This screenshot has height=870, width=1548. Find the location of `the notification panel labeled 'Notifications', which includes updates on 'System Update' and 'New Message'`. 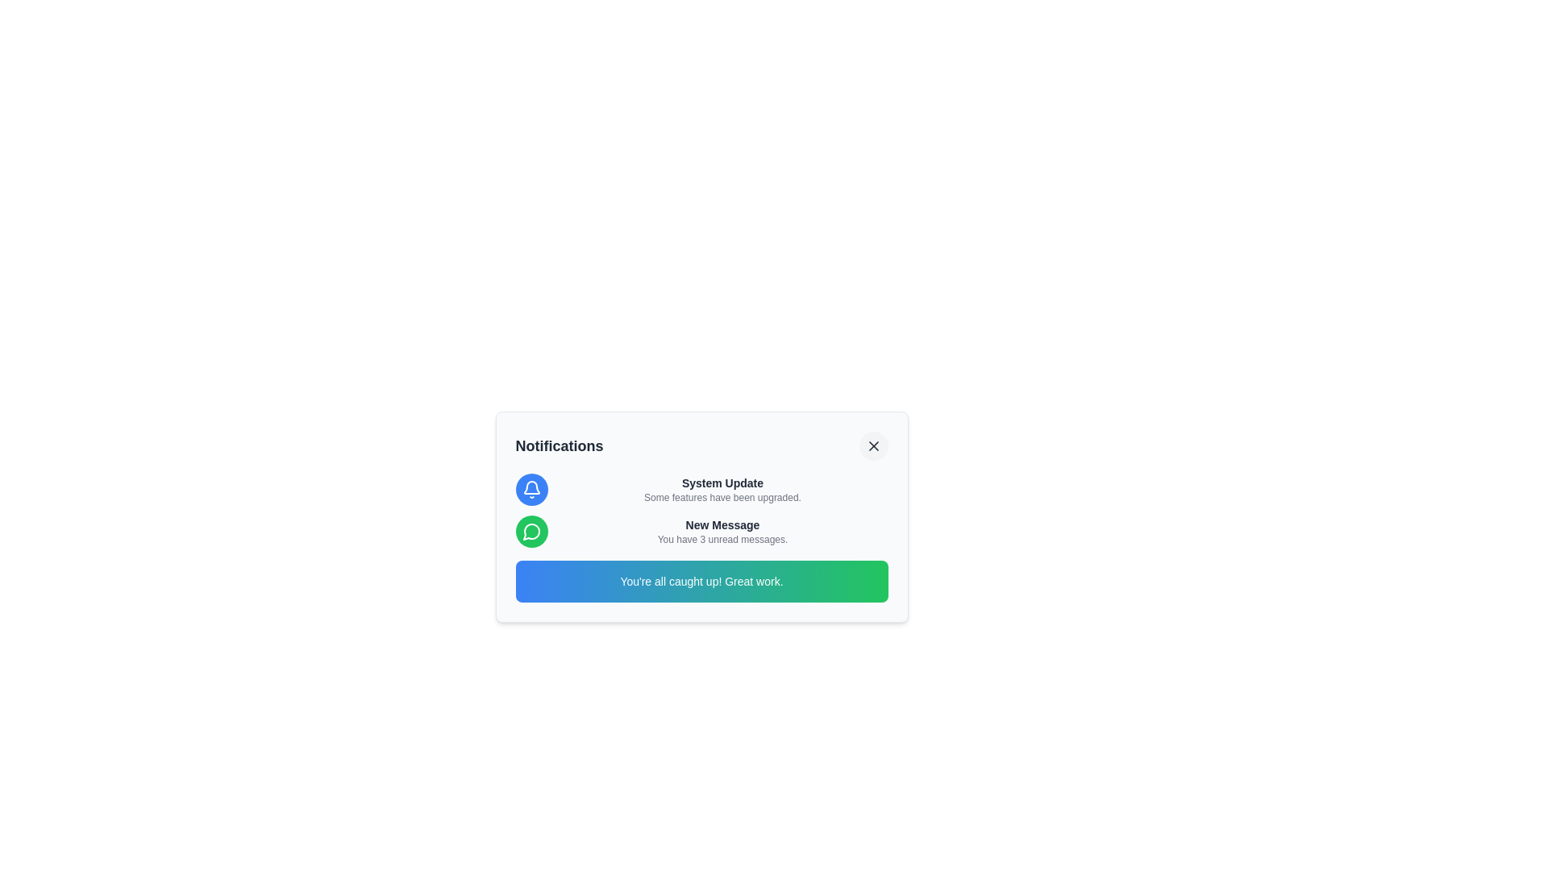

the notification panel labeled 'Notifications', which includes updates on 'System Update' and 'New Message' is located at coordinates (701, 516).